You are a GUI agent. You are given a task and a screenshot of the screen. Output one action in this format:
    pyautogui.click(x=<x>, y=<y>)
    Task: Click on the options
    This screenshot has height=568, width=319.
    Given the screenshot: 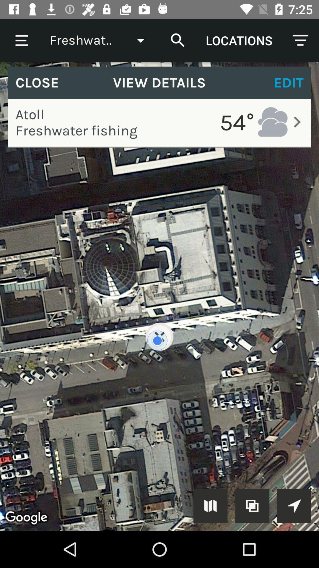 What is the action you would take?
    pyautogui.click(x=294, y=505)
    